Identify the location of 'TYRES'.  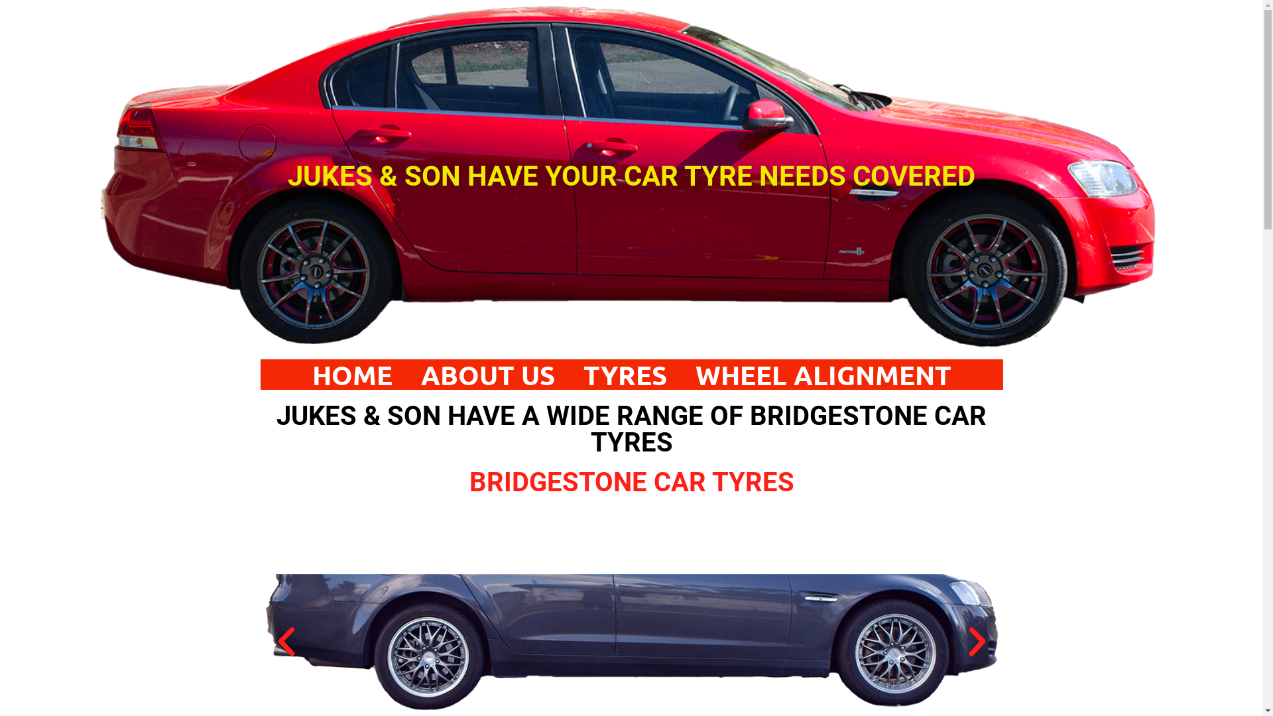
(570, 374).